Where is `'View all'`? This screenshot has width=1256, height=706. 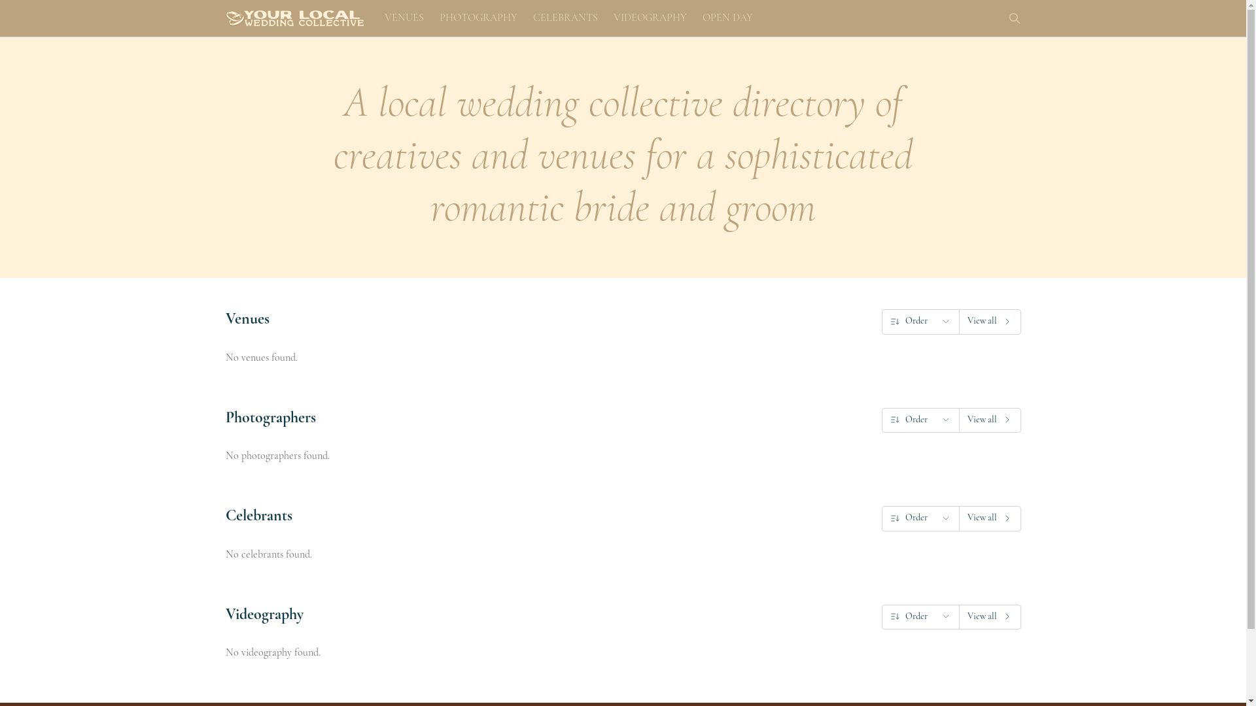
'View all' is located at coordinates (990, 617).